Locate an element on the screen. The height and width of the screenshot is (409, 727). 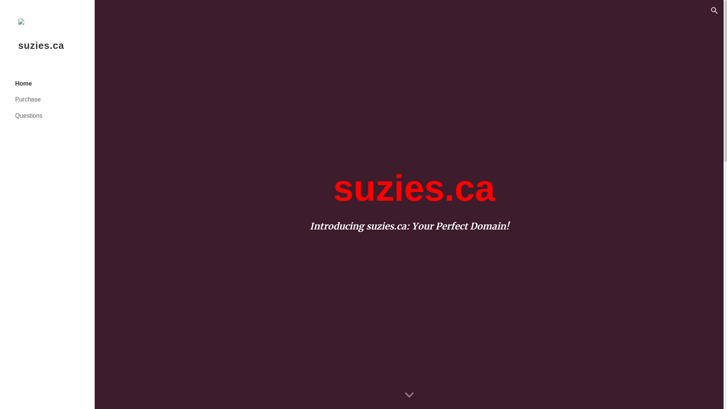
'Questions' is located at coordinates (51, 115).